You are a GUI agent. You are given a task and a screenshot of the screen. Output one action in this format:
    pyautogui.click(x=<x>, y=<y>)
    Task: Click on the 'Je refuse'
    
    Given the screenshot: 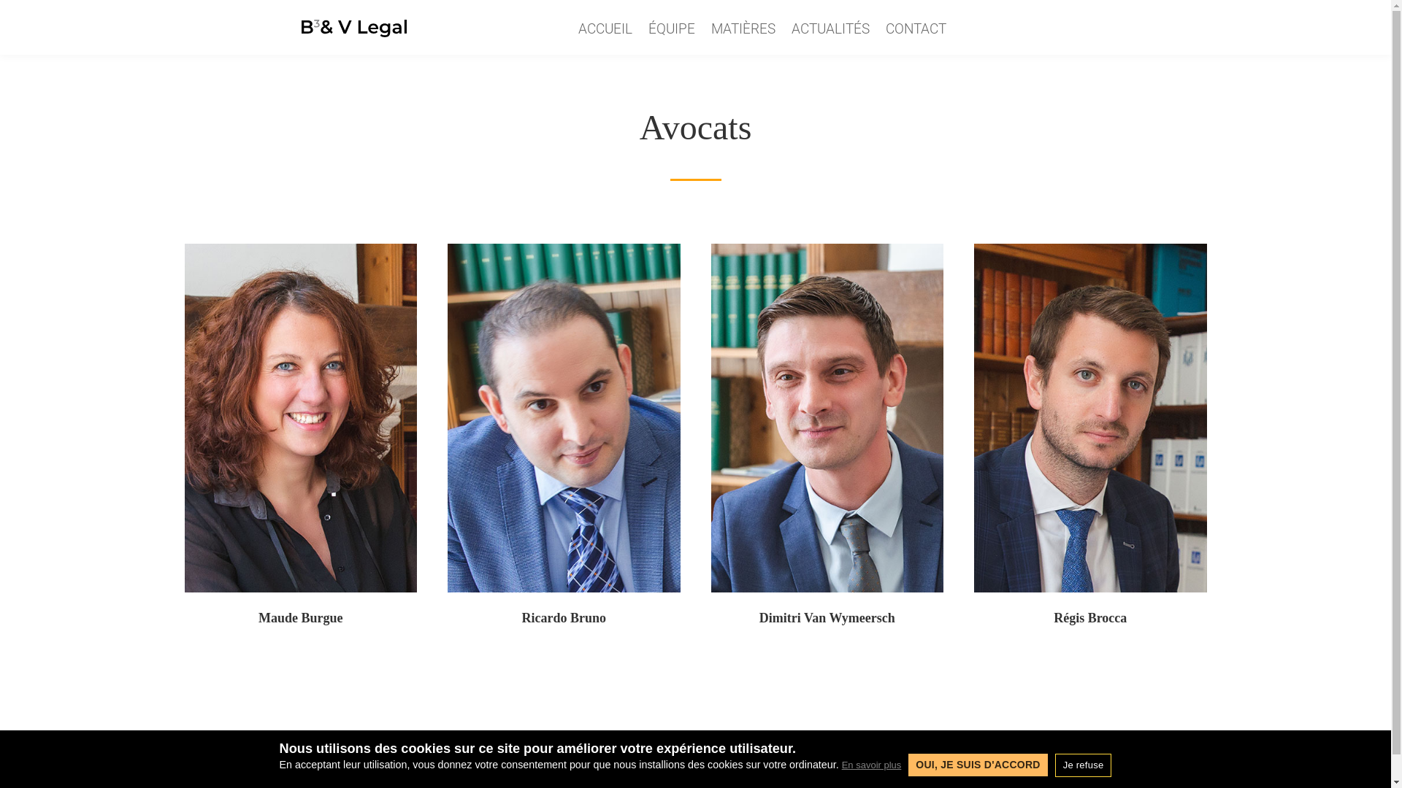 What is the action you would take?
    pyautogui.click(x=1083, y=764)
    